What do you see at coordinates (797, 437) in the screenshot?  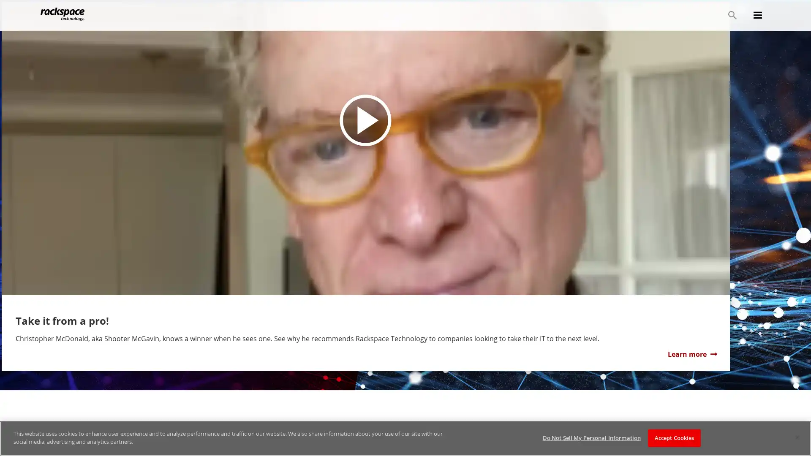 I see `Close` at bounding box center [797, 437].